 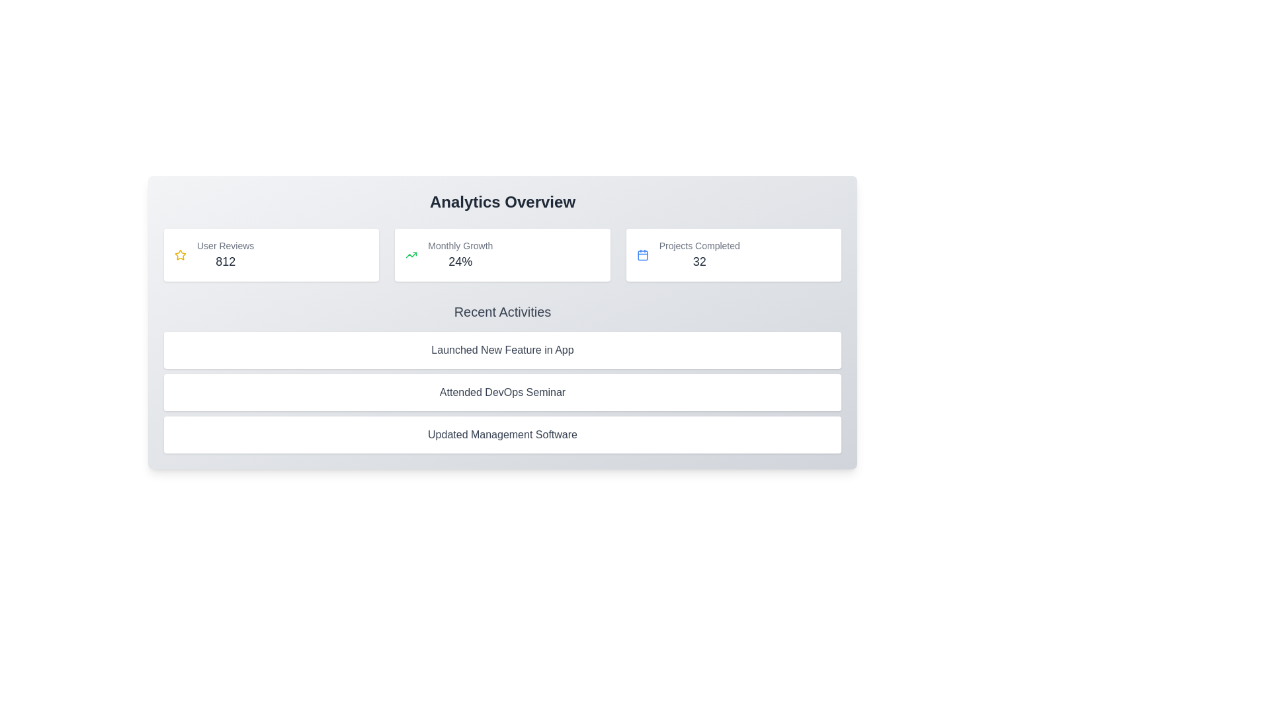 What do you see at coordinates (180, 255) in the screenshot?
I see `the star-shaped icon filled with yellow color and outlined in black, which is part of the 'User Reviews' card displaying the count '812'` at bounding box center [180, 255].